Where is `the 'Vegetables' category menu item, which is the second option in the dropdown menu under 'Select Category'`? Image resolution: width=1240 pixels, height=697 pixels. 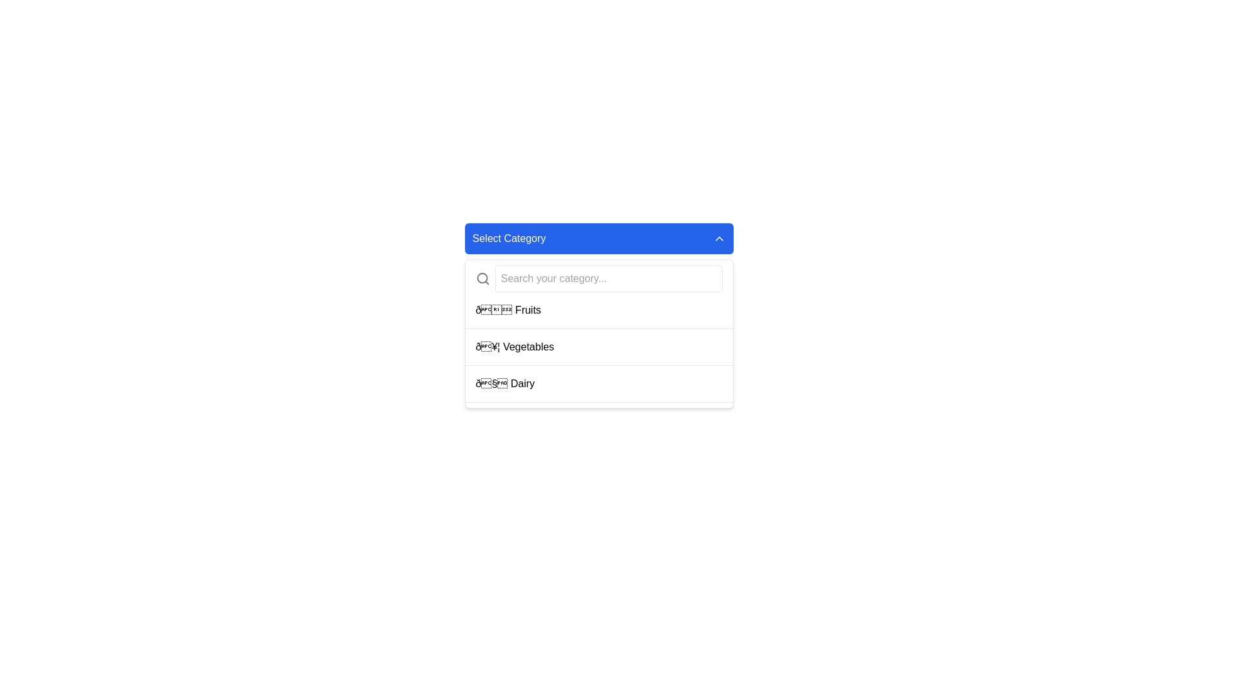 the 'Vegetables' category menu item, which is the second option in the dropdown menu under 'Select Category' is located at coordinates (598, 347).